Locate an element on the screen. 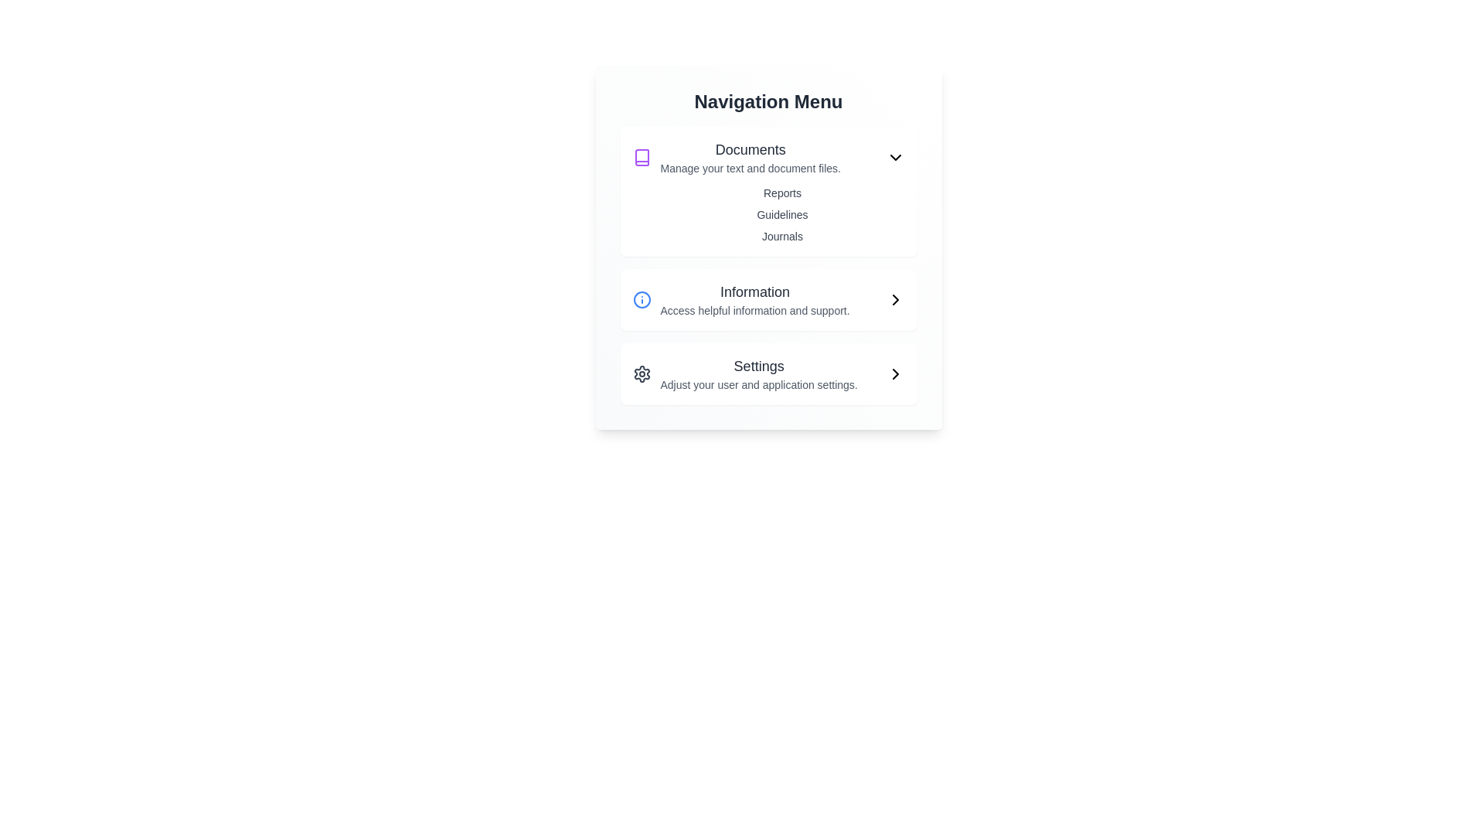  the 'Documents' icon, which is the first component inside the 'DocumentsManage your text and document files.' group, located to the left of the 'Documents' title in the navigation submenu is located at coordinates (642, 158).